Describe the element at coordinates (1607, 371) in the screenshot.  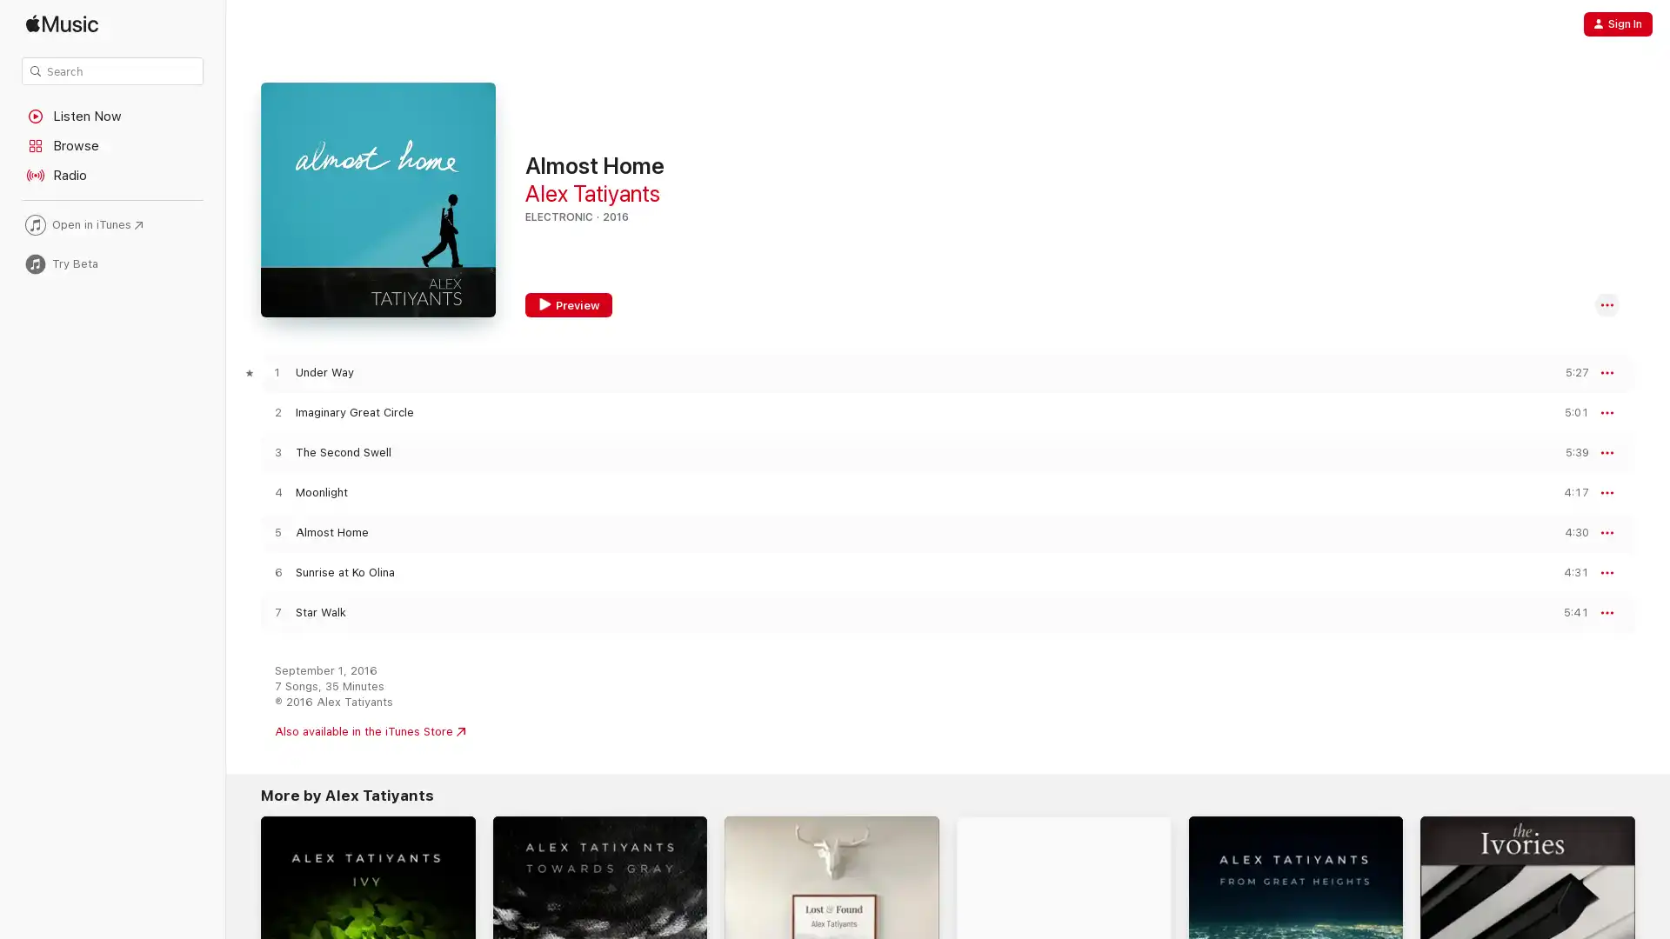
I see `More` at that location.